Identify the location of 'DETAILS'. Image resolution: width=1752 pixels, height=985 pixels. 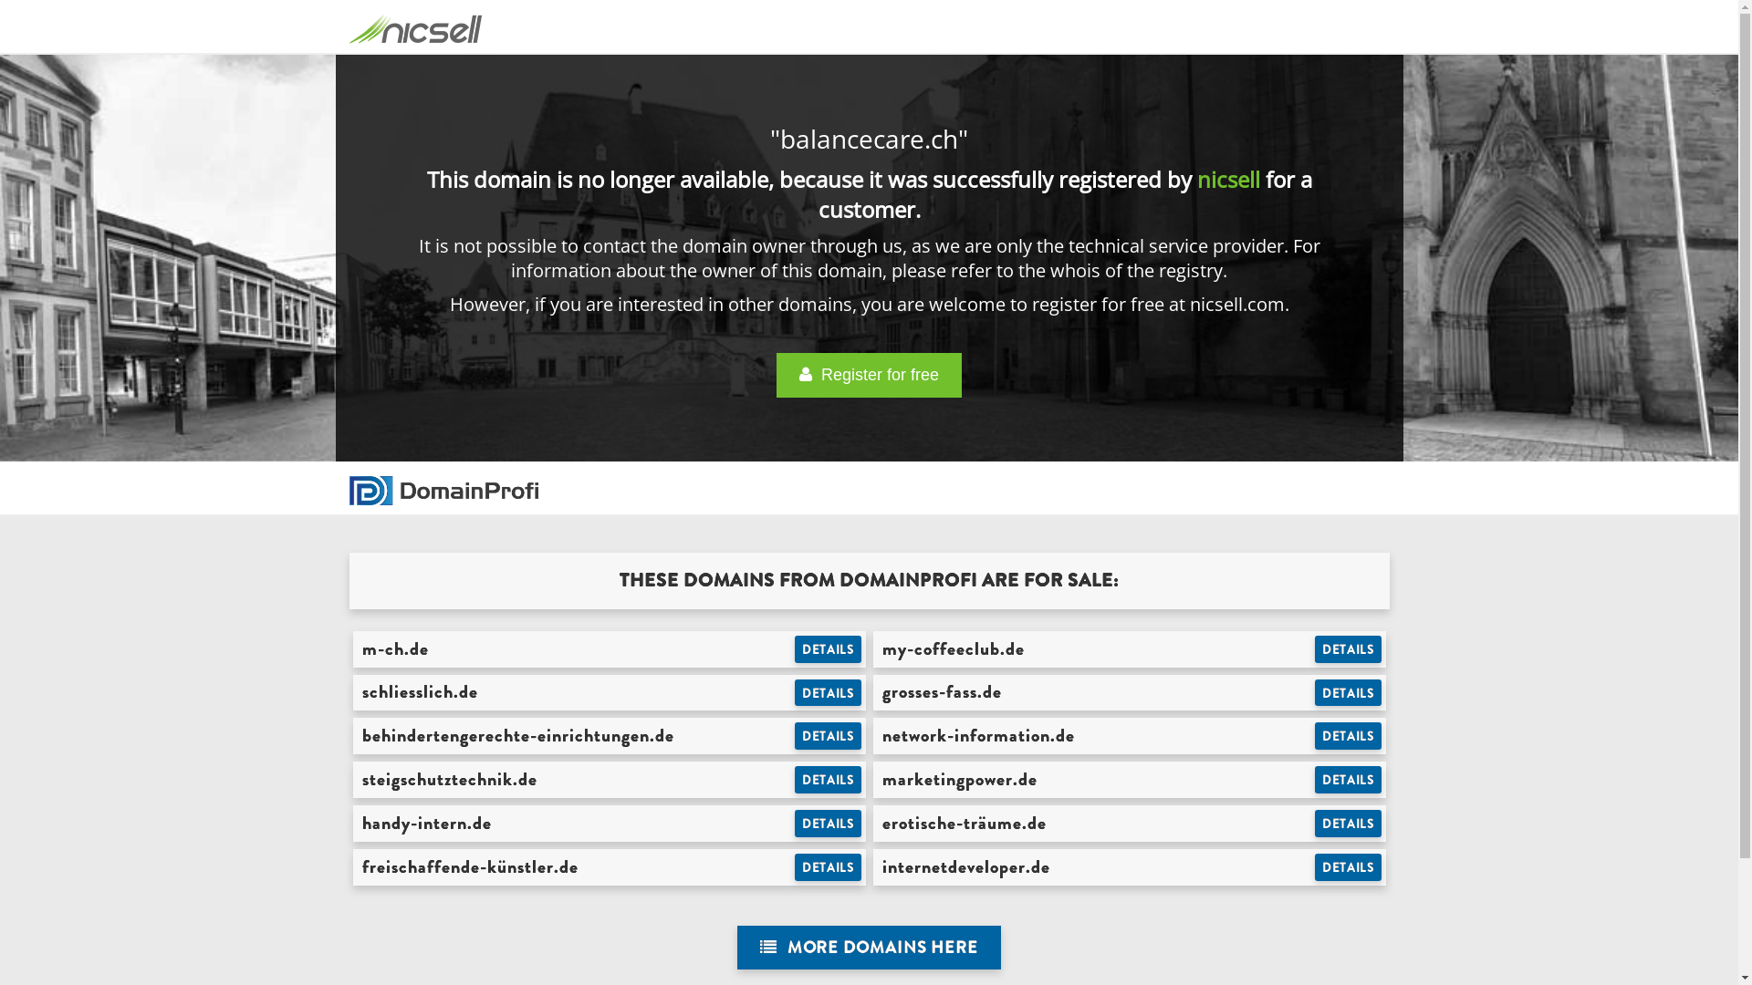
(1348, 780).